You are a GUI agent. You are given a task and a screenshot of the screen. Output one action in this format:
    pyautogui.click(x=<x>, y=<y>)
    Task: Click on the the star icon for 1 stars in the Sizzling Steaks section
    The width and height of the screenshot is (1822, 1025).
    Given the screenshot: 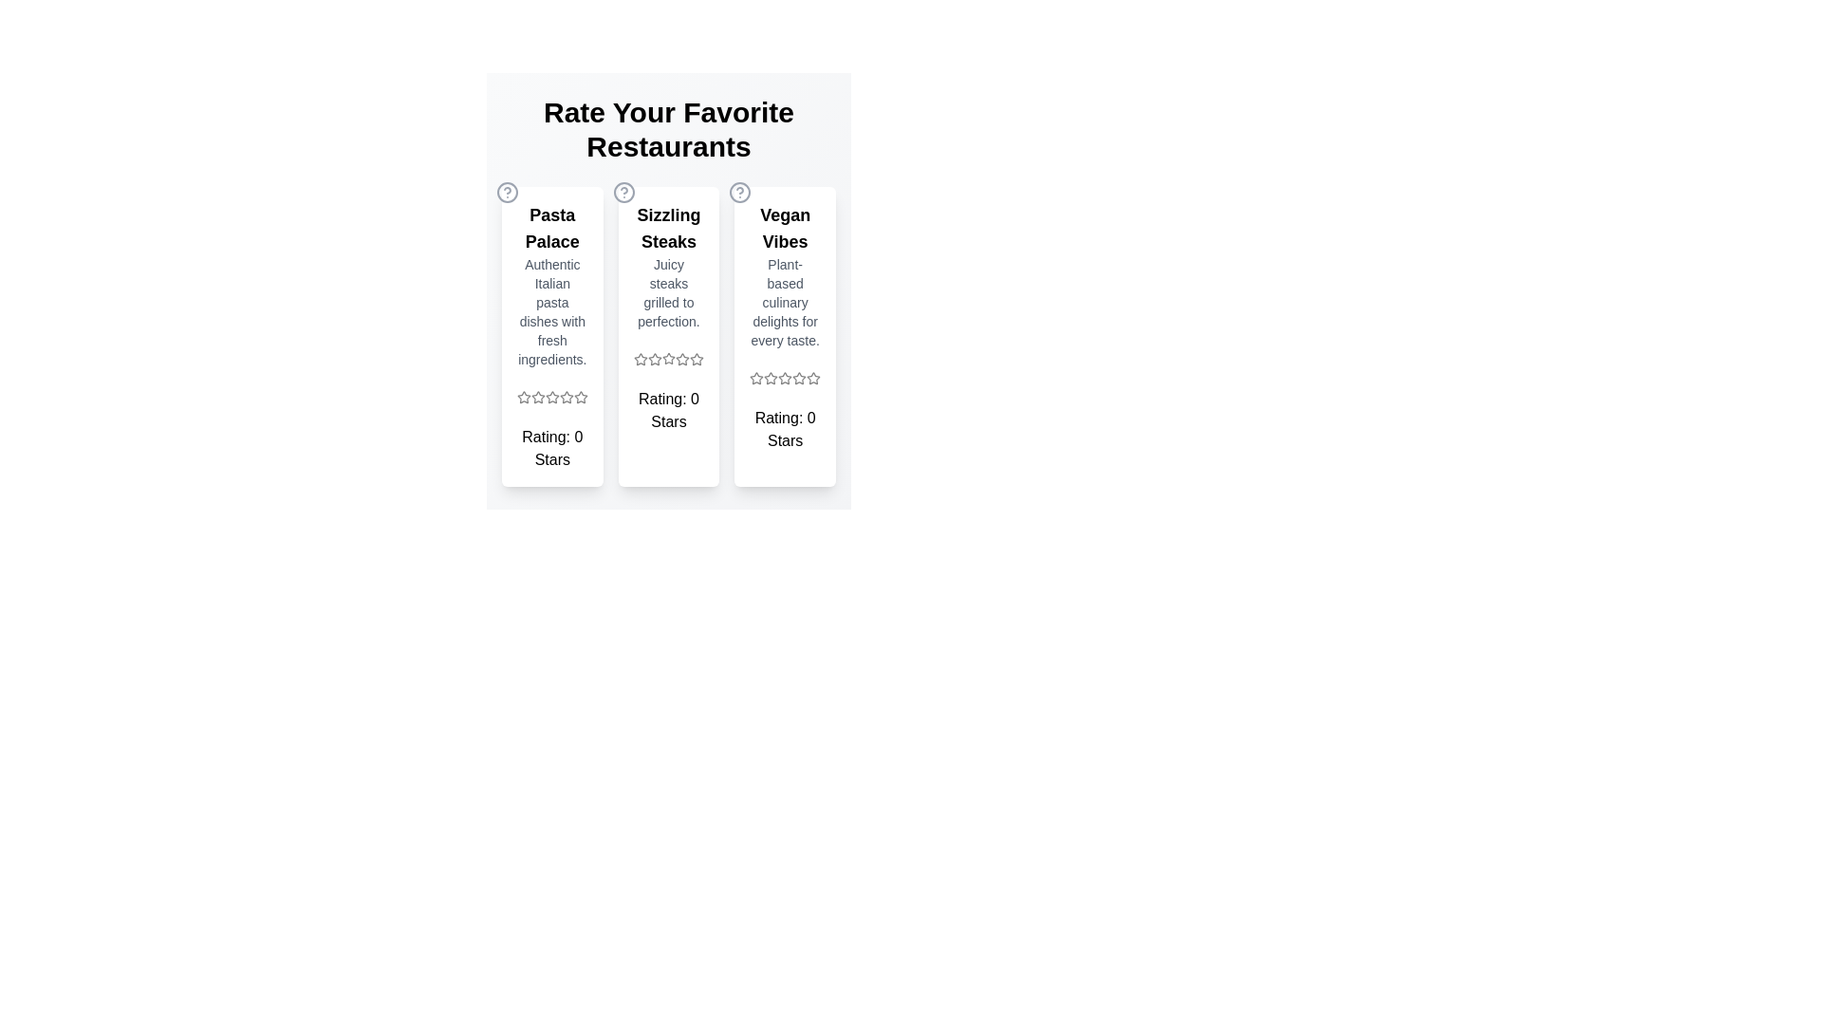 What is the action you would take?
    pyautogui.click(x=641, y=359)
    